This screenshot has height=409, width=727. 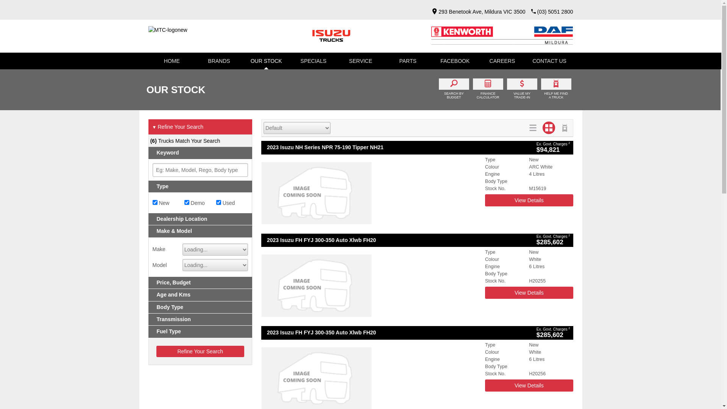 What do you see at coordinates (200, 319) in the screenshot?
I see `'Transmission'` at bounding box center [200, 319].